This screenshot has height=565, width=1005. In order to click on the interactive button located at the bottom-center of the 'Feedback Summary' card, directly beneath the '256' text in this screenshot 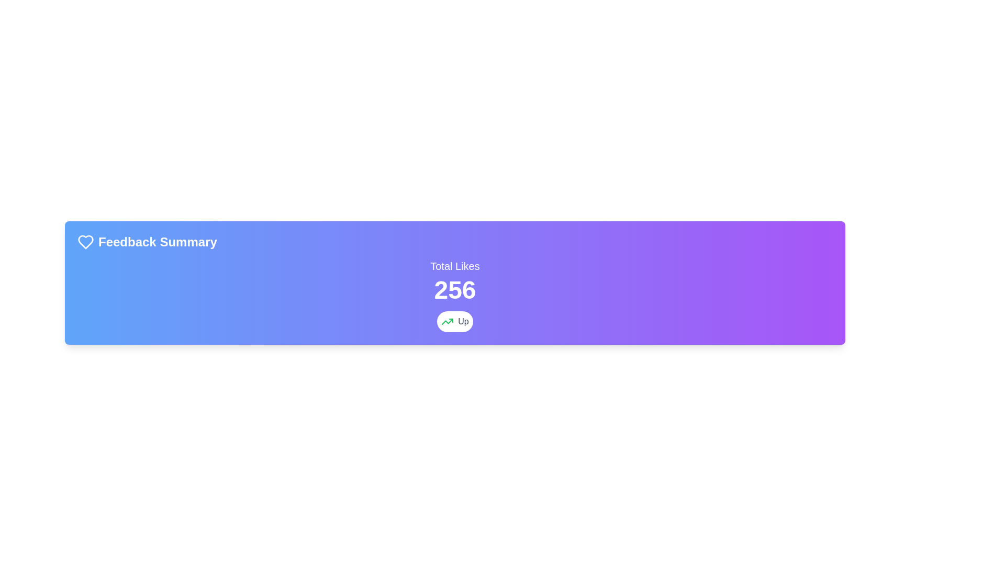, I will do `click(455, 321)`.